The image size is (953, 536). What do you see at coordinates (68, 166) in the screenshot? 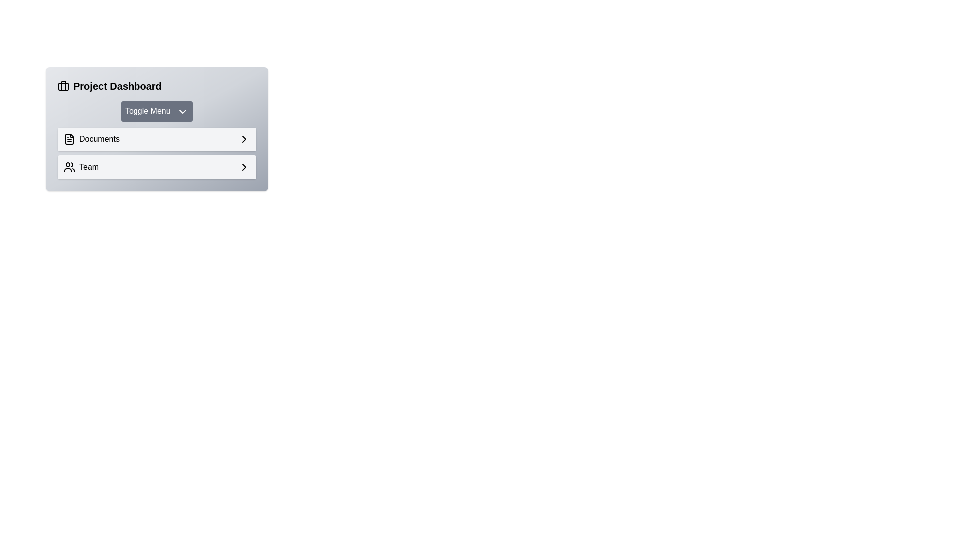
I see `the 'Team' icon located on the second row of the menu panel under 'Project Dashboard', to the left of the label 'Team'` at bounding box center [68, 166].